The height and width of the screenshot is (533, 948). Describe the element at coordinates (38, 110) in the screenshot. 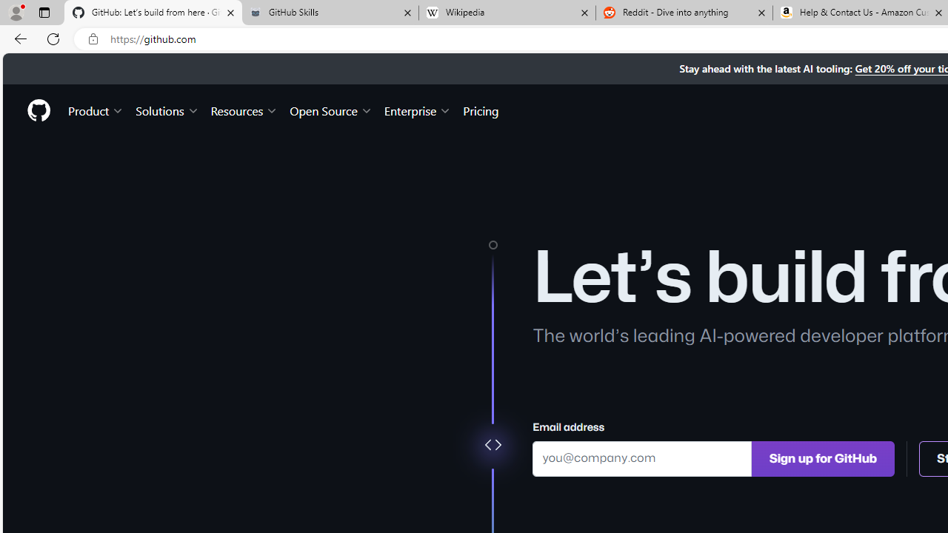

I see `'Homepage'` at that location.